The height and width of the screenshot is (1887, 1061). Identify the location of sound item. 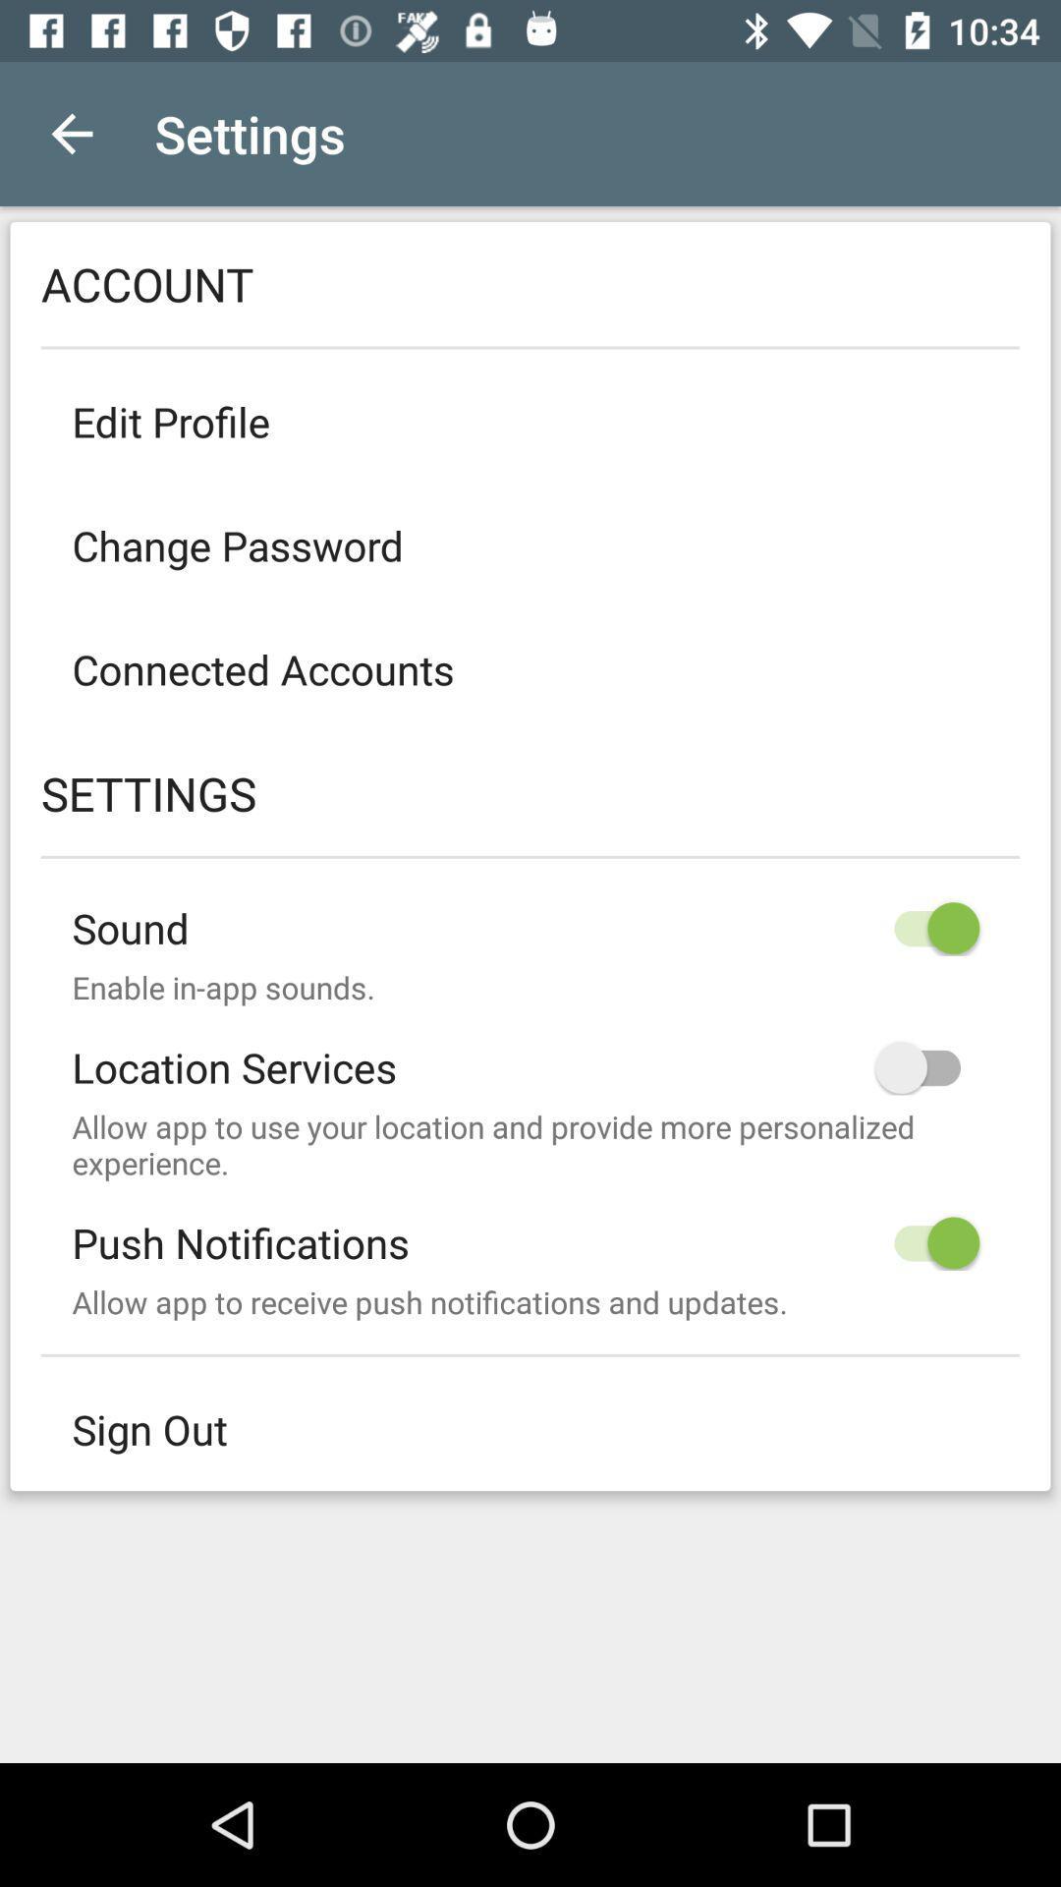
(530, 911).